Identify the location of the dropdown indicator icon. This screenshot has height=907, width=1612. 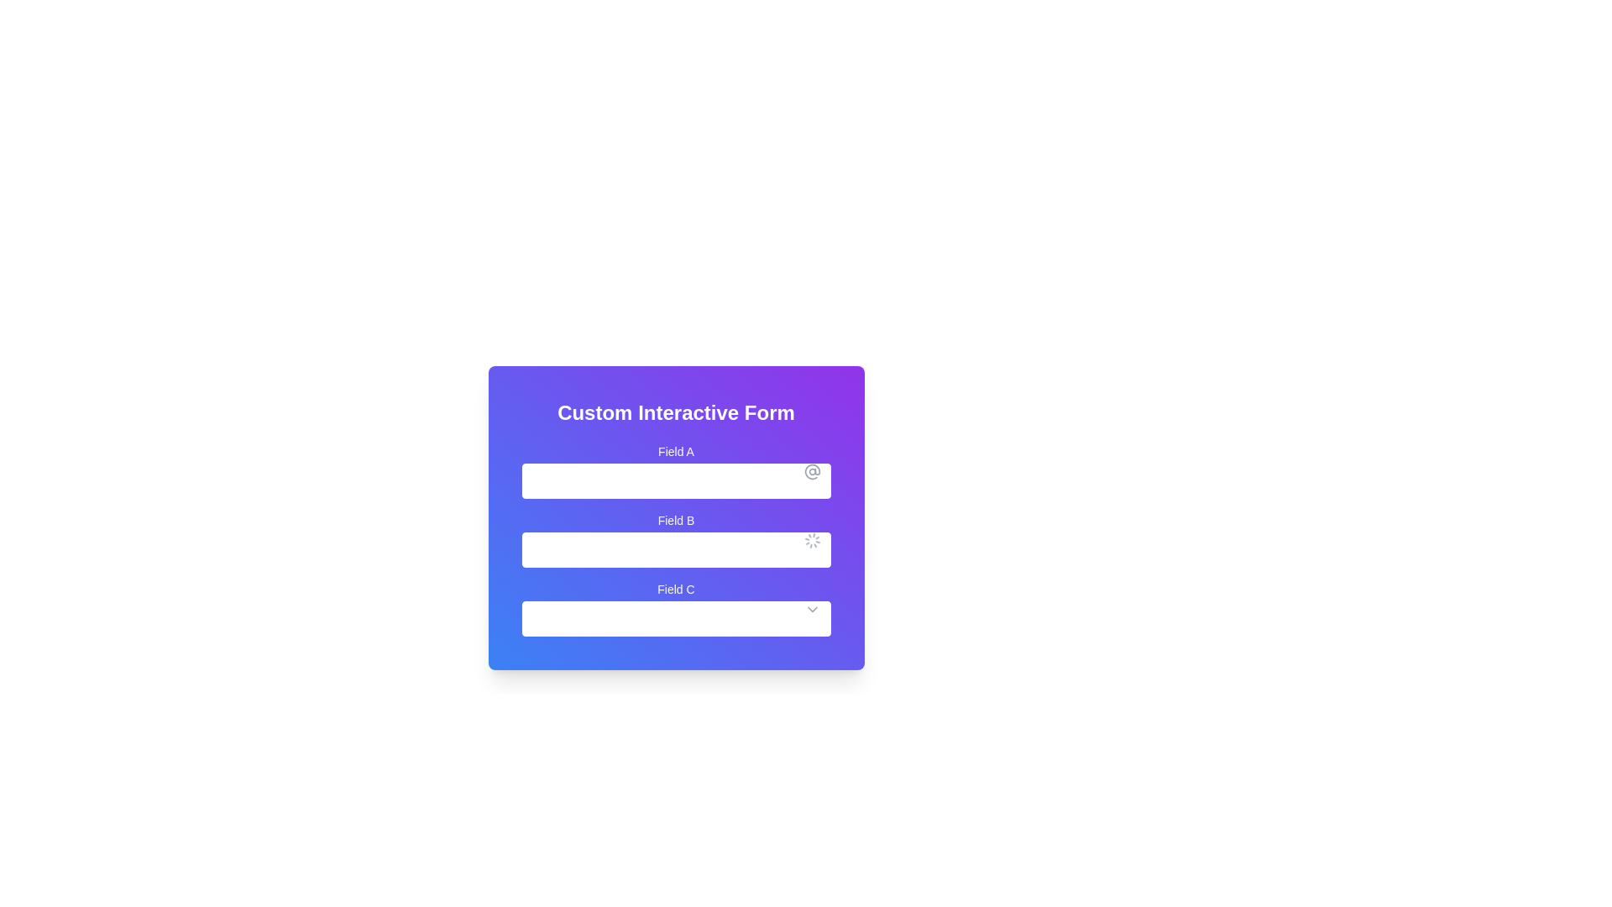
(812, 609).